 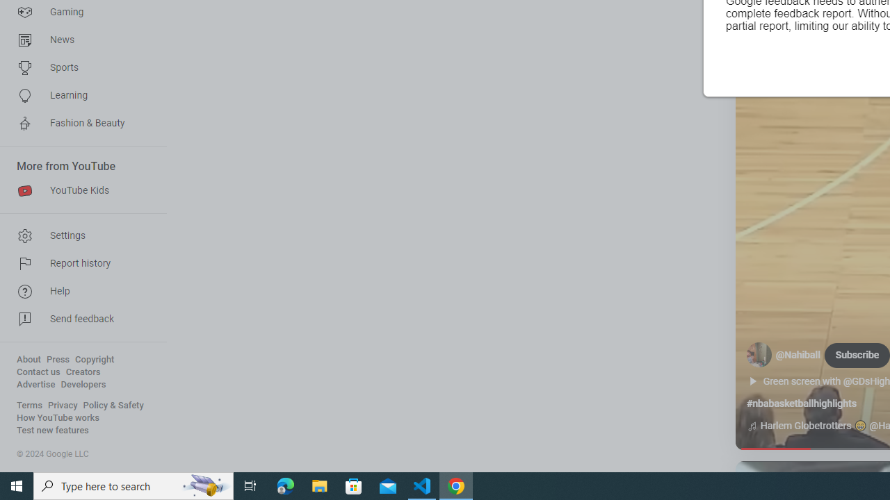 What do you see at coordinates (35, 385) in the screenshot?
I see `'Advertise'` at bounding box center [35, 385].